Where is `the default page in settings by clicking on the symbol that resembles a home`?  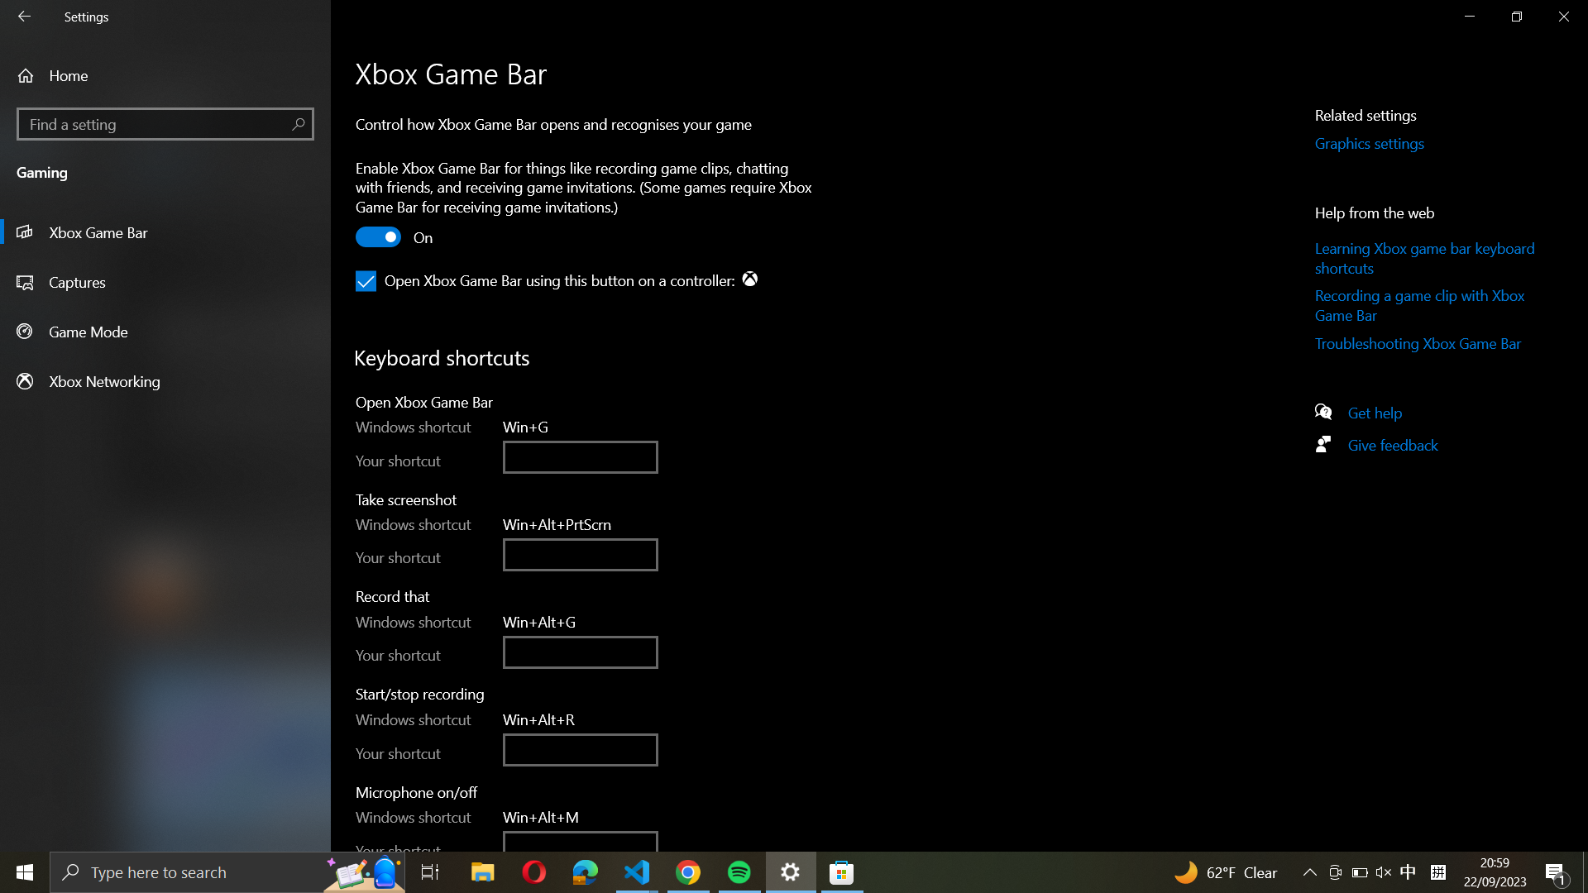 the default page in settings by clicking on the symbol that resembles a home is located at coordinates (165, 75).